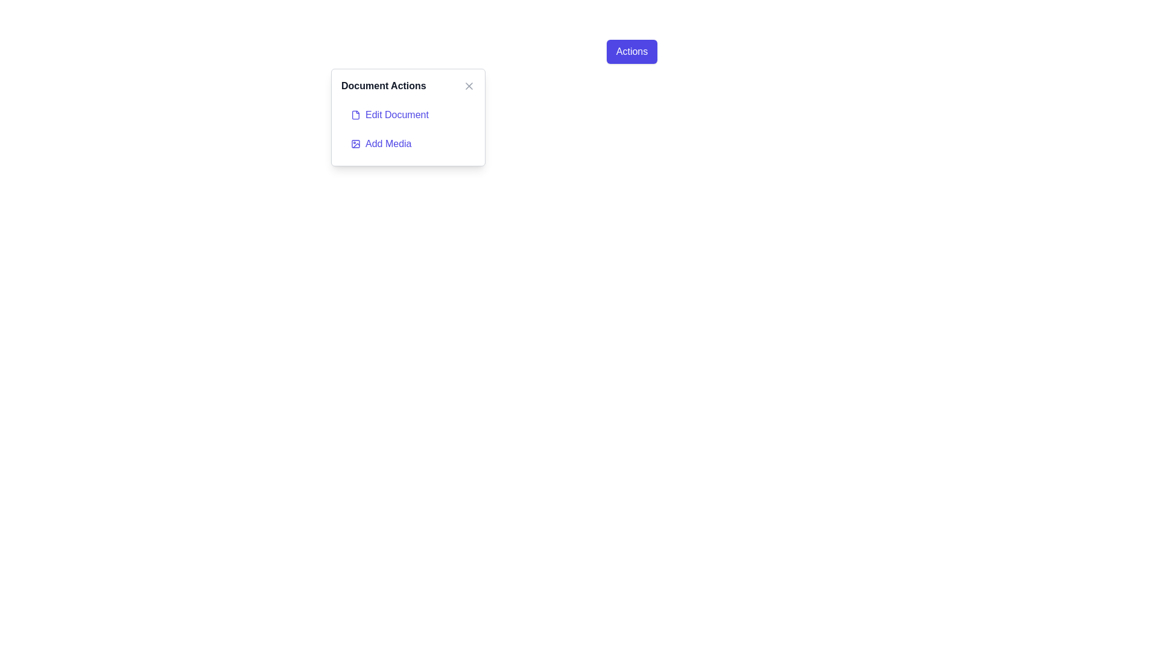 This screenshot has width=1158, height=651. What do you see at coordinates (355, 115) in the screenshot?
I see `the document file icon located at the top left of the 'Document Actions' popup, which precedes the 'Edit Document' text` at bounding box center [355, 115].